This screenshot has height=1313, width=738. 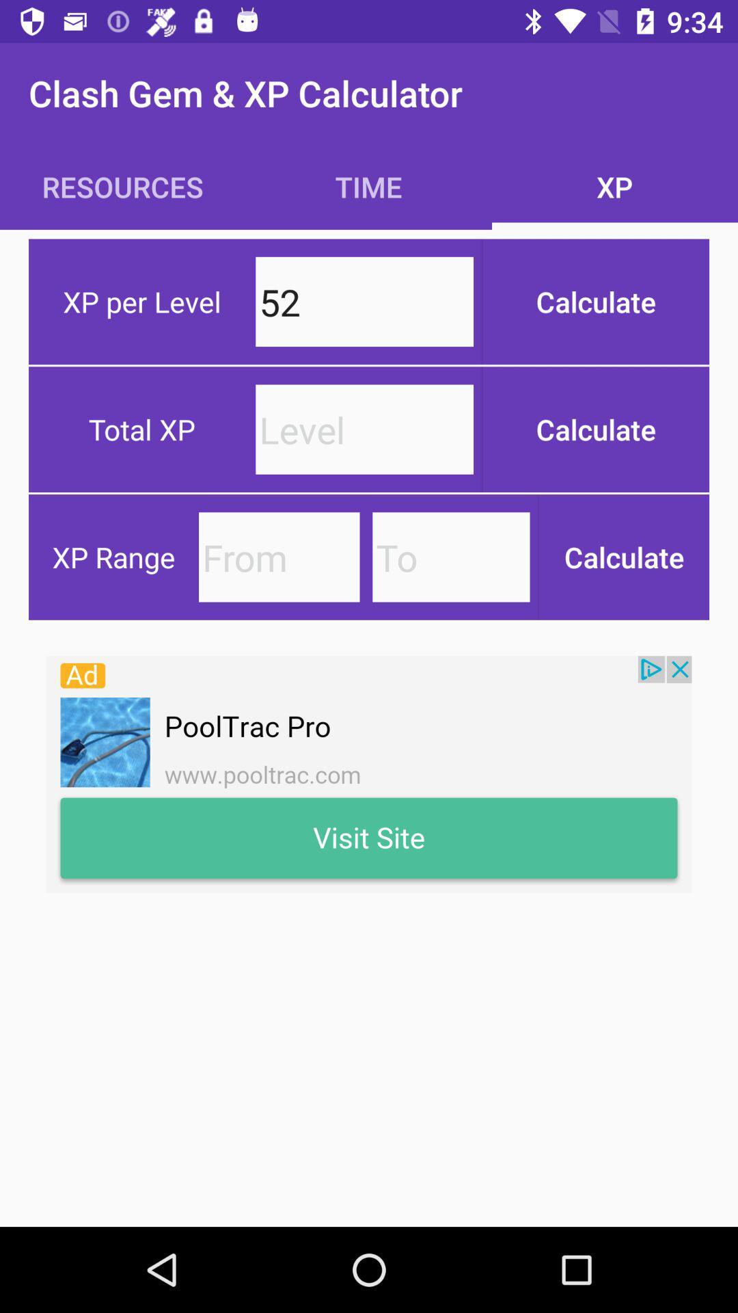 What do you see at coordinates (369, 774) in the screenshot?
I see `image link to advertisement` at bounding box center [369, 774].